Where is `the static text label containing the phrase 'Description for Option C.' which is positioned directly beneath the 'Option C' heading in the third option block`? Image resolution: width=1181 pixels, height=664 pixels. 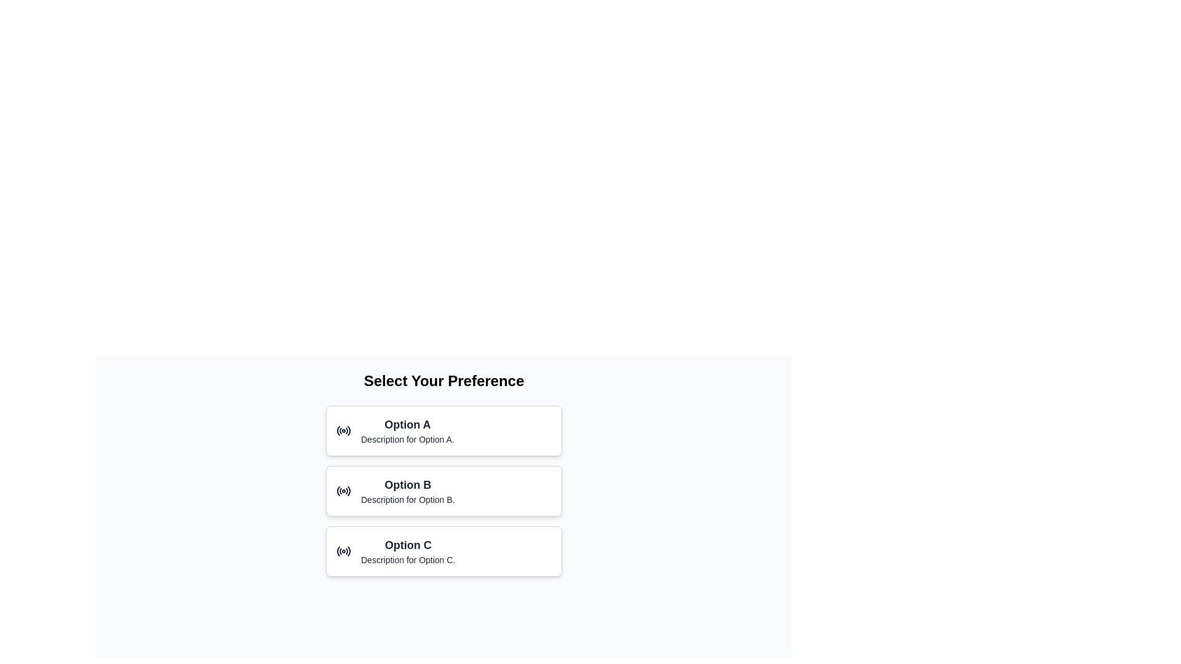
the static text label containing the phrase 'Description for Option C.' which is positioned directly beneath the 'Option C' heading in the third option block is located at coordinates (408, 559).